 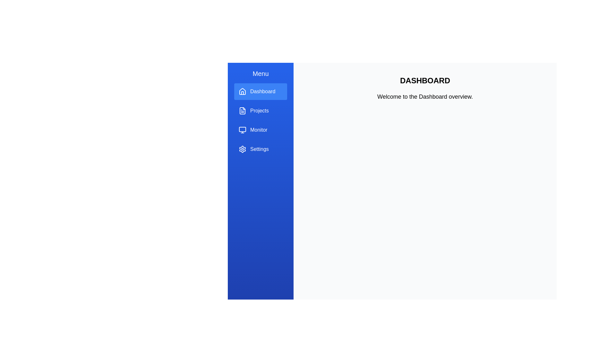 What do you see at coordinates (425, 96) in the screenshot?
I see `the text label displaying 'Welcome to the Dashboard overview.' which is located below the 'DASHBOARD' heading` at bounding box center [425, 96].